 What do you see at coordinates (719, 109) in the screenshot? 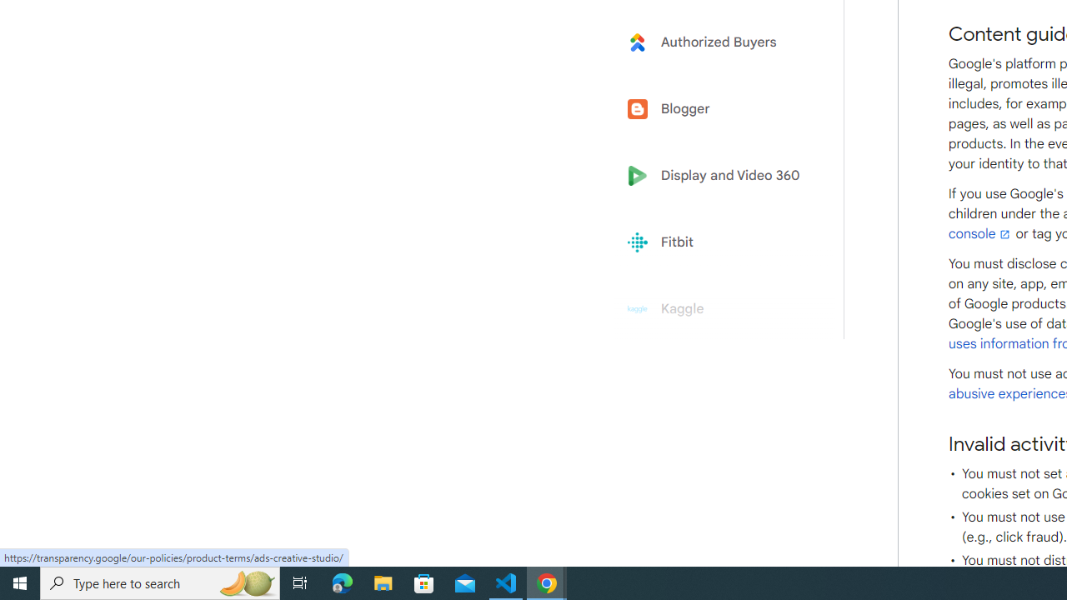
I see `'Blogger'` at bounding box center [719, 109].